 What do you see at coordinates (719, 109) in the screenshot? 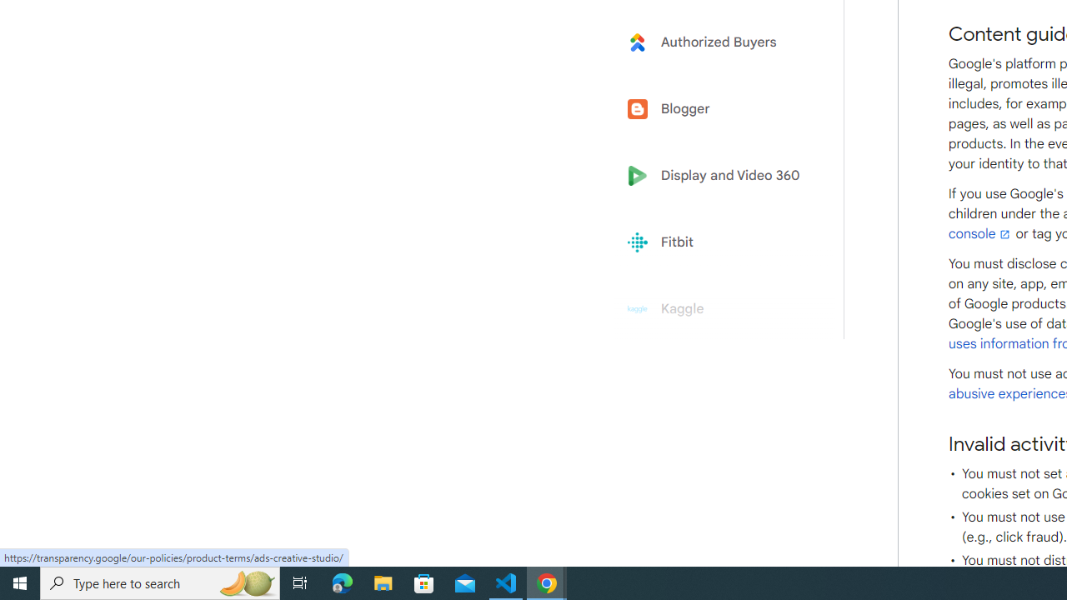
I see `'Blogger'` at bounding box center [719, 109].